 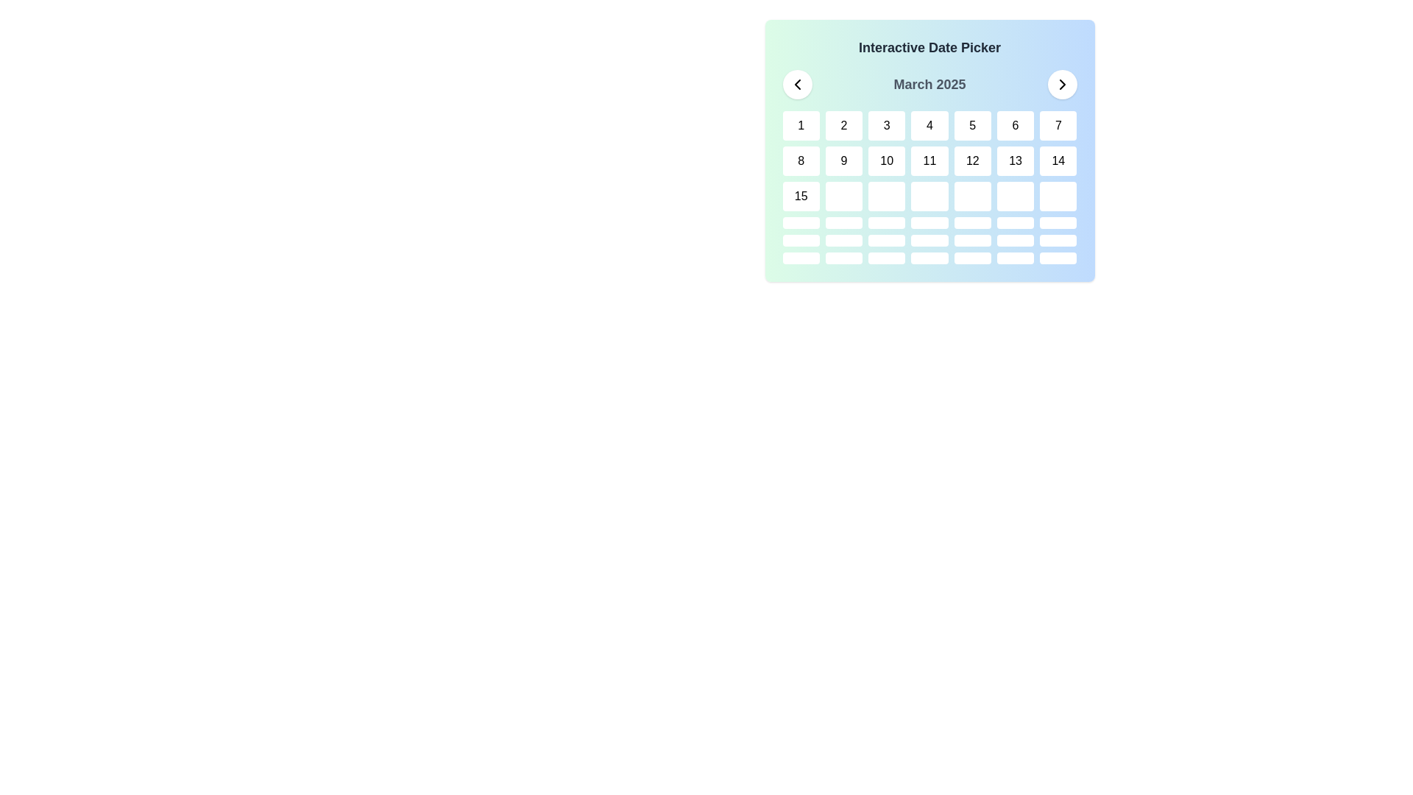 I want to click on the button in the sixth column of the fifth row of the calendar grid, so click(x=844, y=240).